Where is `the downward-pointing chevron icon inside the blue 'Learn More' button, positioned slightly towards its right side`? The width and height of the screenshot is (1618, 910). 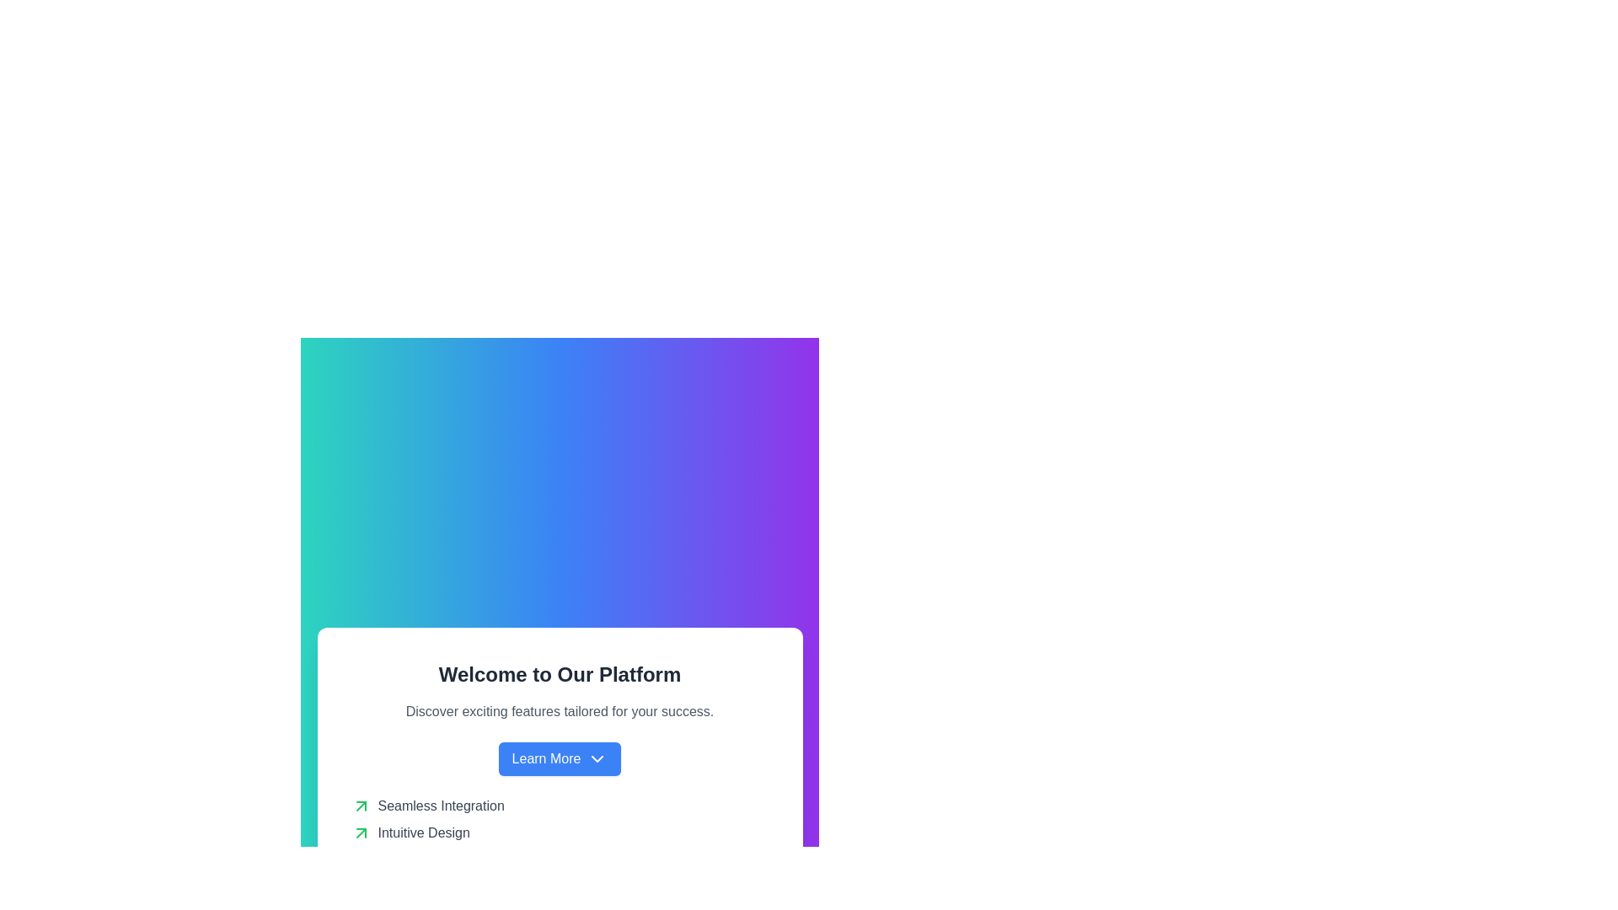 the downward-pointing chevron icon inside the blue 'Learn More' button, positioned slightly towards its right side is located at coordinates (597, 759).